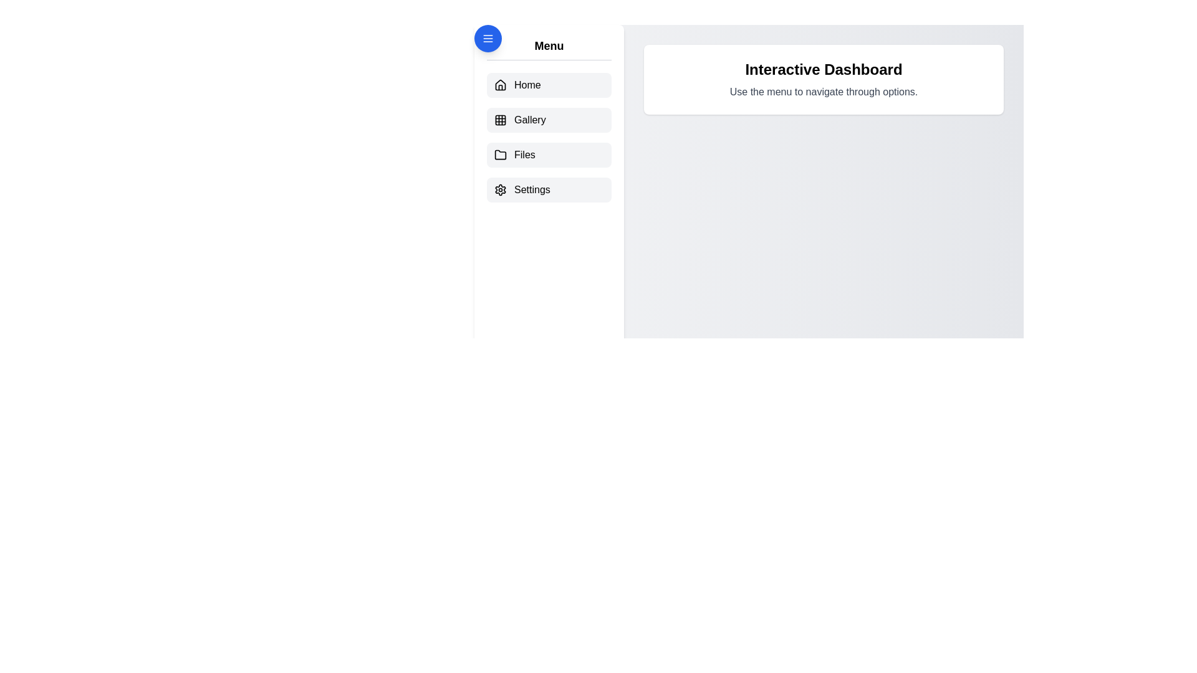 This screenshot has height=673, width=1197. What do you see at coordinates (549, 120) in the screenshot?
I see `the menu item Gallery` at bounding box center [549, 120].